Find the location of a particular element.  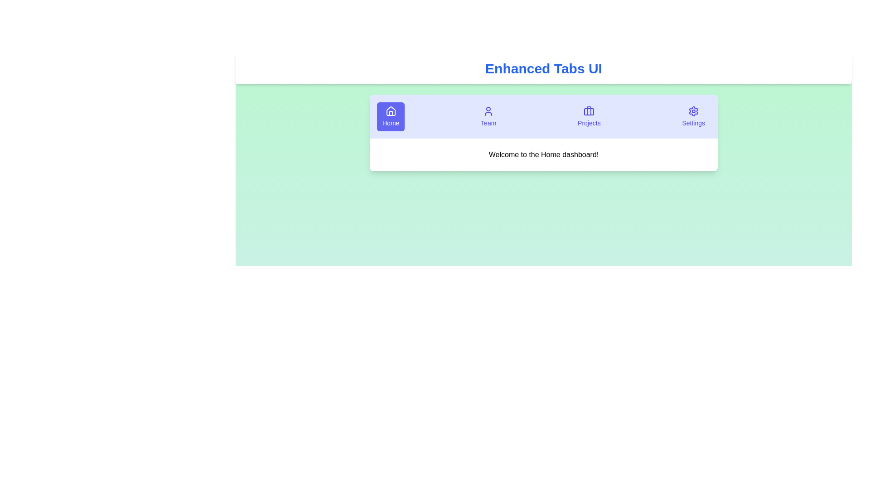

the 'Home' icon located at the top-left corner of the navigation bar is located at coordinates (391, 111).